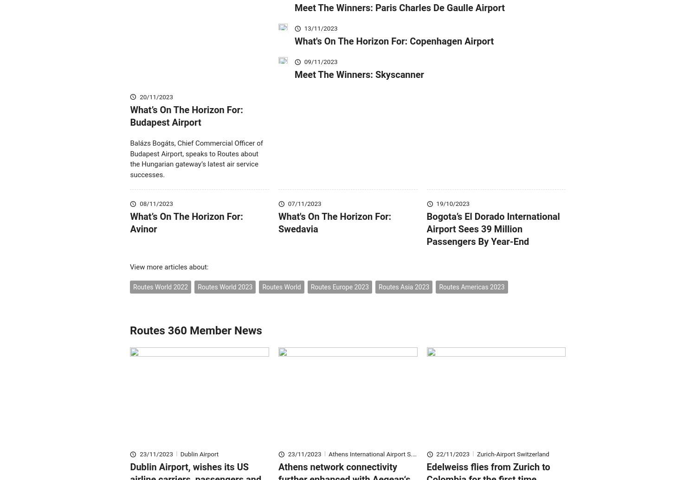 Image resolution: width=696 pixels, height=480 pixels. I want to click on 'Routes 360 Member News', so click(195, 343).